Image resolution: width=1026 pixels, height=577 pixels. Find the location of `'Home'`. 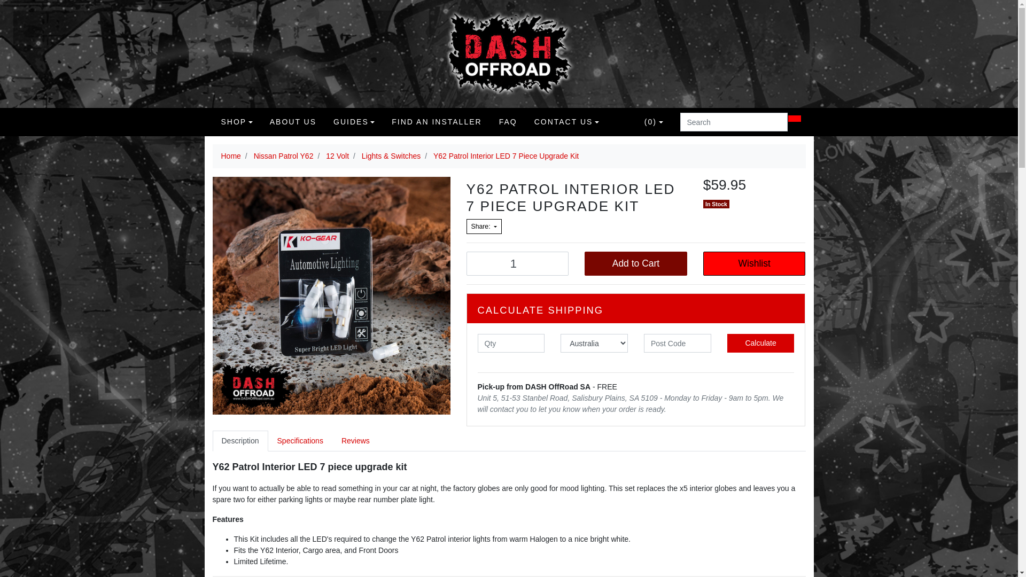

'Home' is located at coordinates (230, 156).